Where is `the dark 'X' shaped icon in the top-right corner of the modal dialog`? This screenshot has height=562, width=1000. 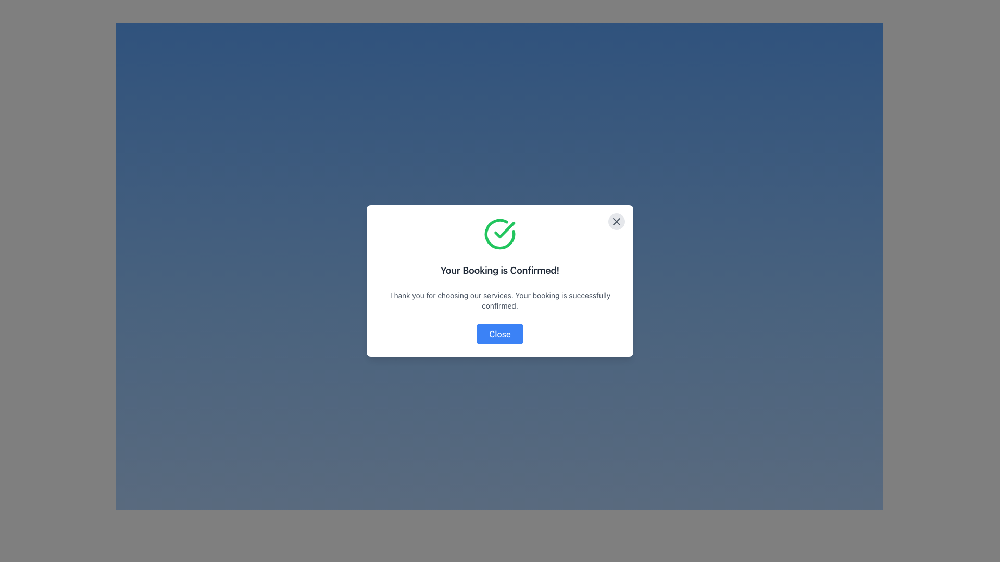 the dark 'X' shaped icon in the top-right corner of the modal dialog is located at coordinates (617, 221).